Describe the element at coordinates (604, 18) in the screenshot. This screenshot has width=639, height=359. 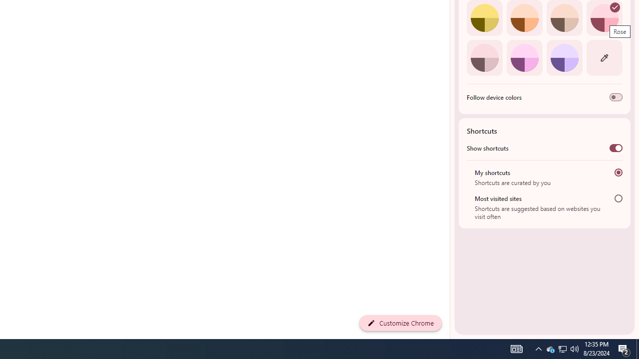
I see `'Rose'` at that location.